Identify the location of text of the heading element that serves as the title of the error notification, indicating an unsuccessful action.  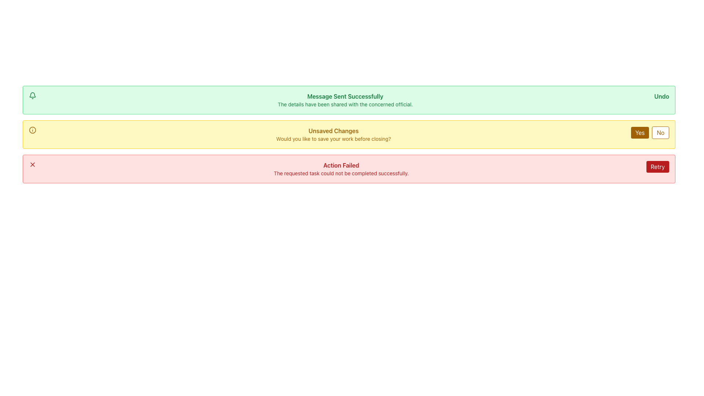
(341, 165).